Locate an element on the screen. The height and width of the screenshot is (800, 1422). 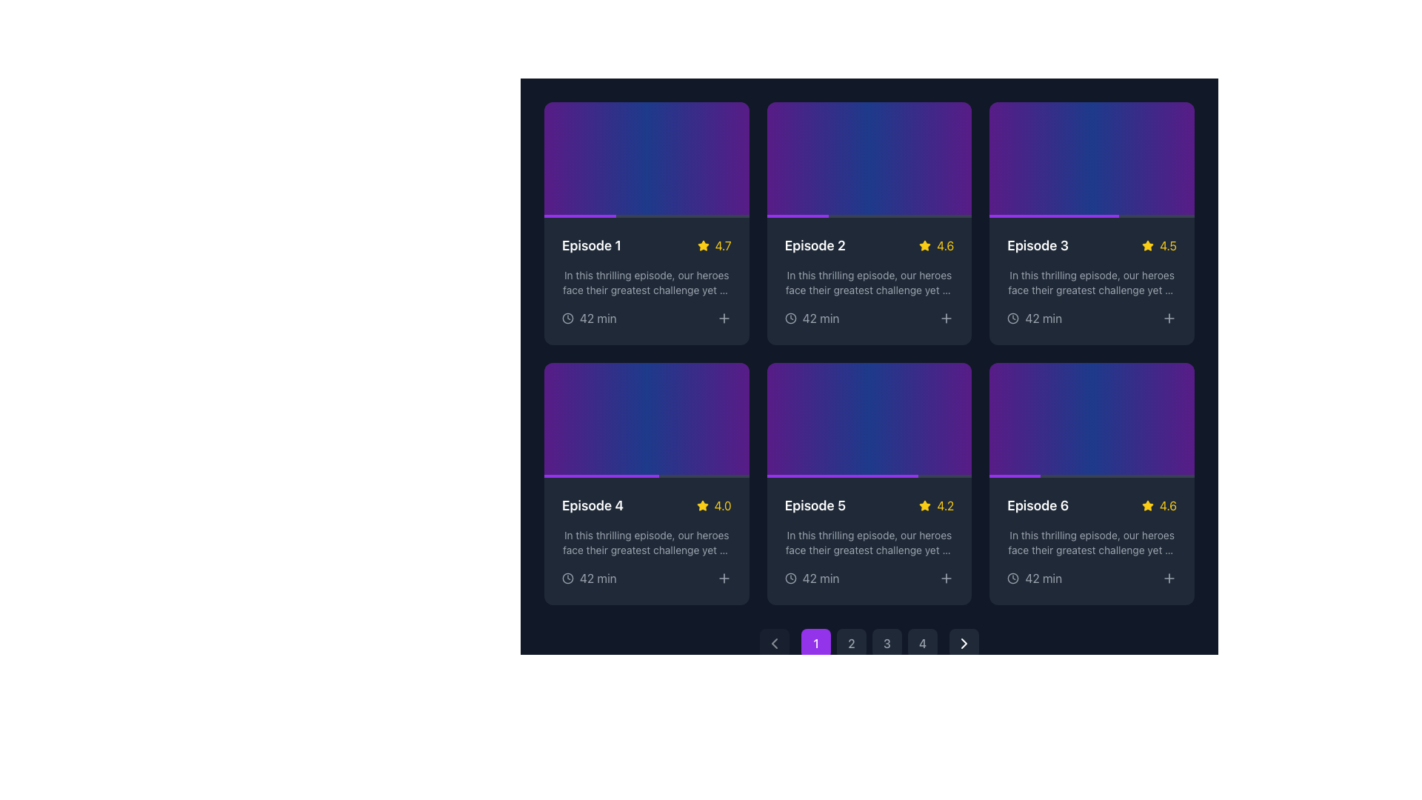
the third pagination button located at the bottom center of the interface is located at coordinates (887, 642).